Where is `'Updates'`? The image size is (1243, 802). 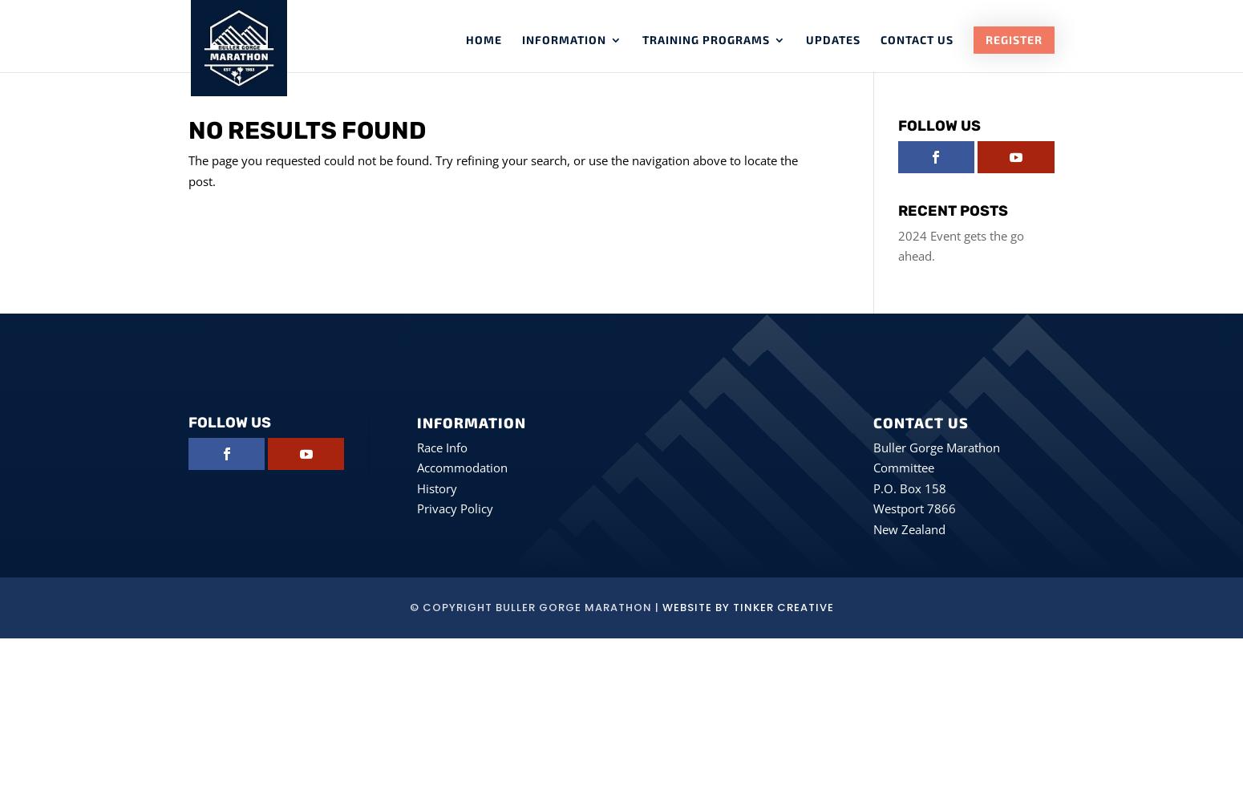 'Updates' is located at coordinates (832, 39).